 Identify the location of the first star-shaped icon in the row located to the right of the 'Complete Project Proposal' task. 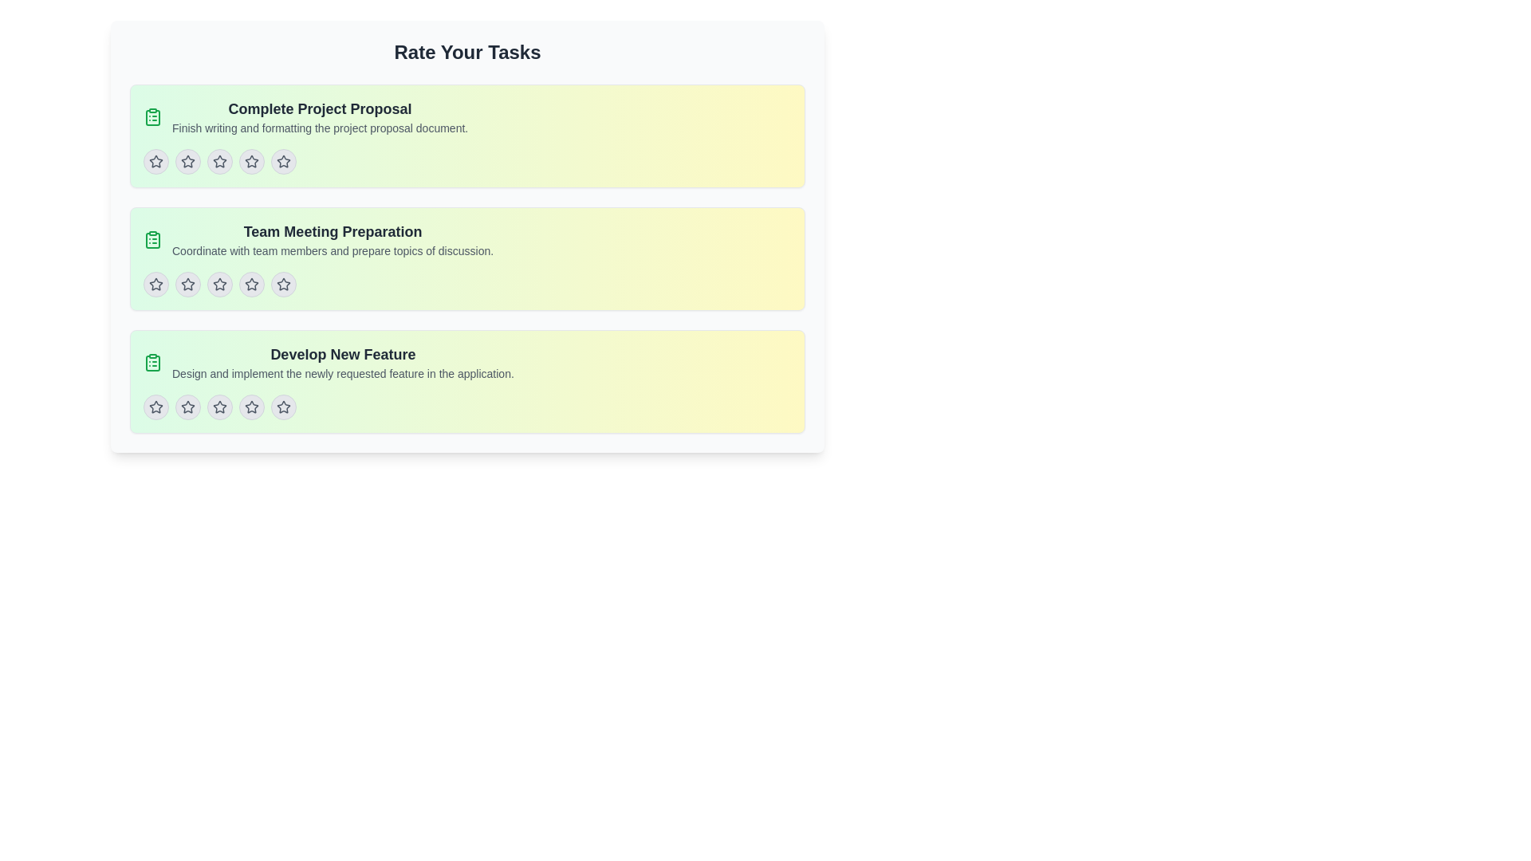
(156, 162).